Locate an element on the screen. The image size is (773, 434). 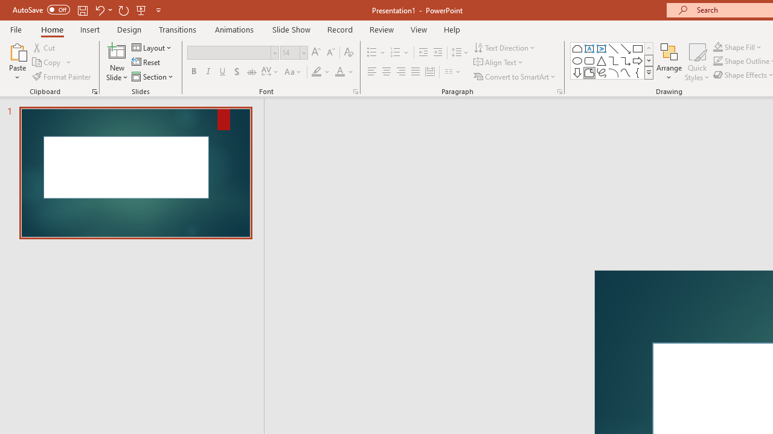
'Rectangle: Top Corners Snipped' is located at coordinates (577, 48).